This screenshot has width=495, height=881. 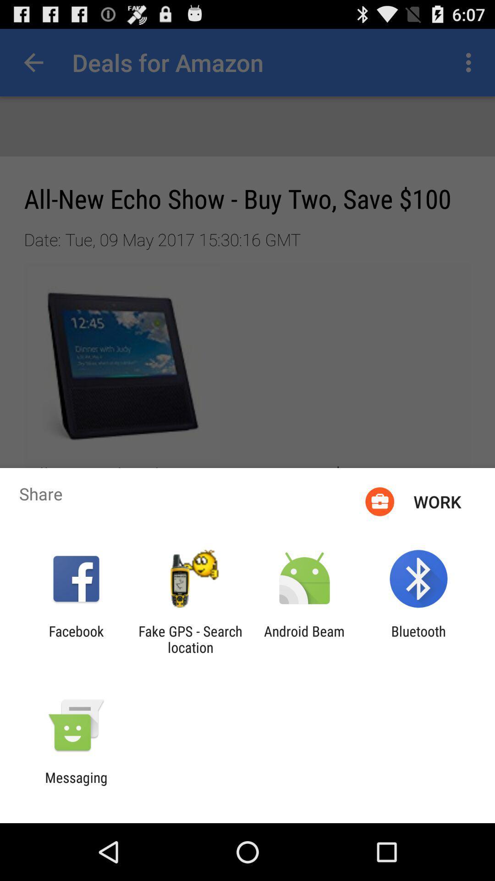 I want to click on item to the right of the fake gps search, so click(x=304, y=639).